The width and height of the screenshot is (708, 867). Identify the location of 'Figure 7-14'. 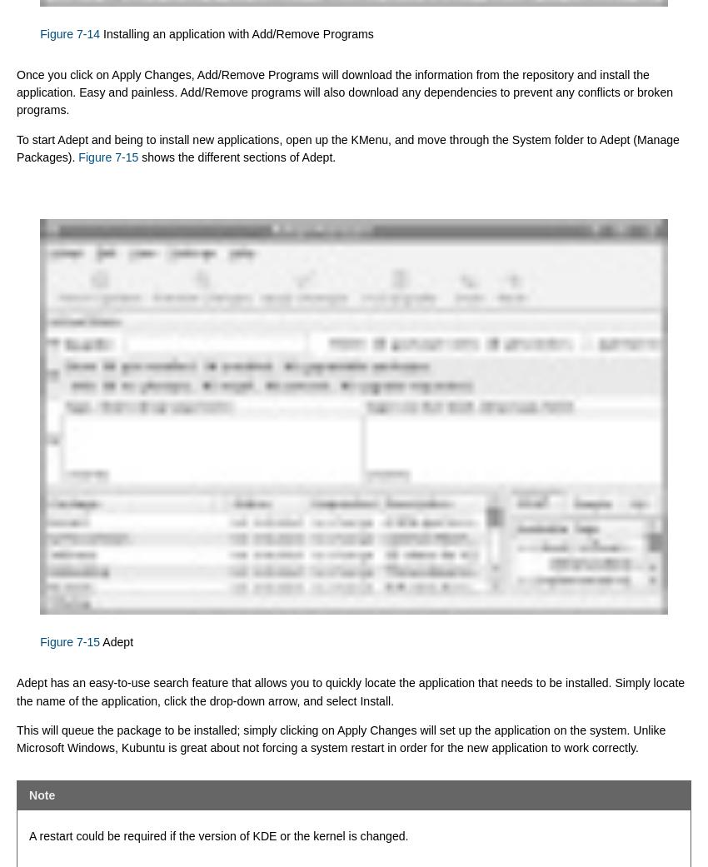
(40, 32).